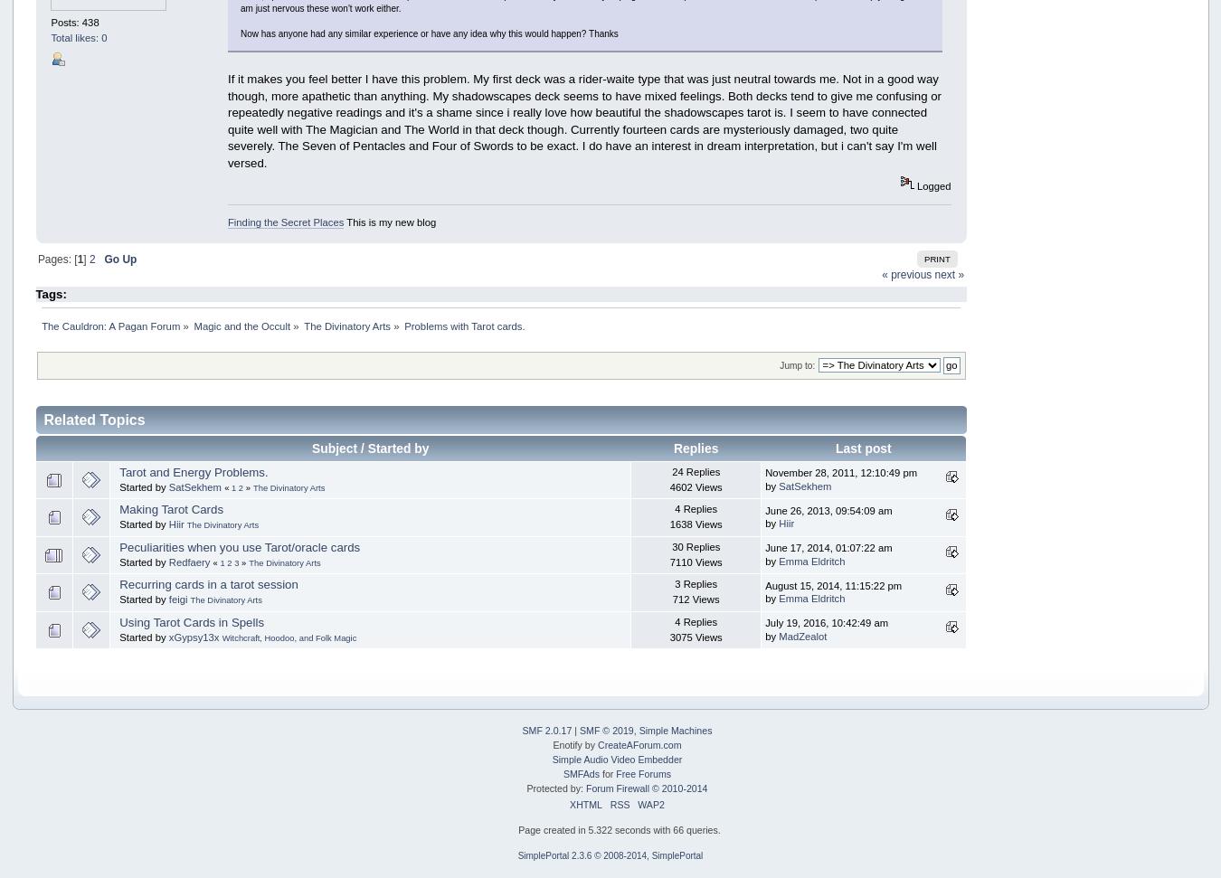 This screenshot has height=878, width=1221. What do you see at coordinates (949, 272) in the screenshot?
I see `'next »'` at bounding box center [949, 272].